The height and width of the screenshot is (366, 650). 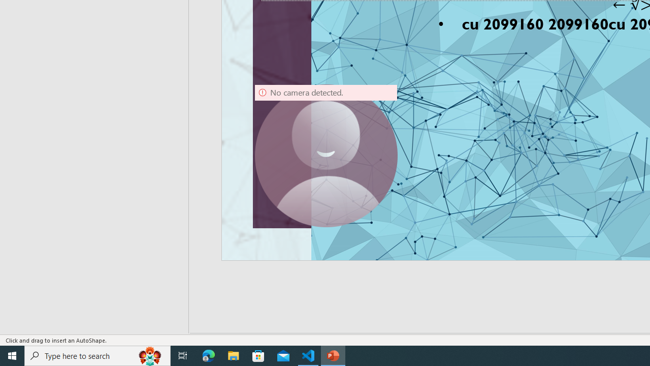 I want to click on 'Camera 9, No camera detected.', so click(x=326, y=156).